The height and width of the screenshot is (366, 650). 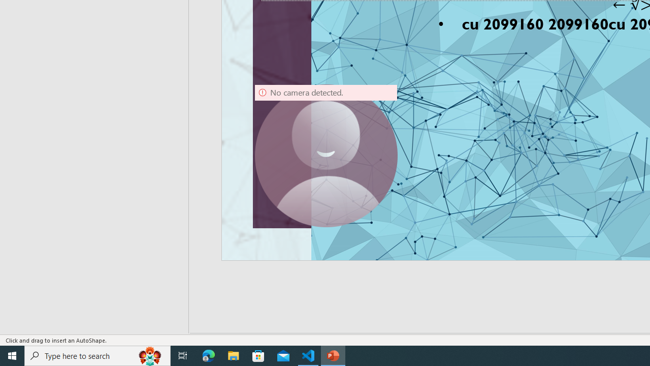 I want to click on 'Camera 9, No camera detected.', so click(x=326, y=156).